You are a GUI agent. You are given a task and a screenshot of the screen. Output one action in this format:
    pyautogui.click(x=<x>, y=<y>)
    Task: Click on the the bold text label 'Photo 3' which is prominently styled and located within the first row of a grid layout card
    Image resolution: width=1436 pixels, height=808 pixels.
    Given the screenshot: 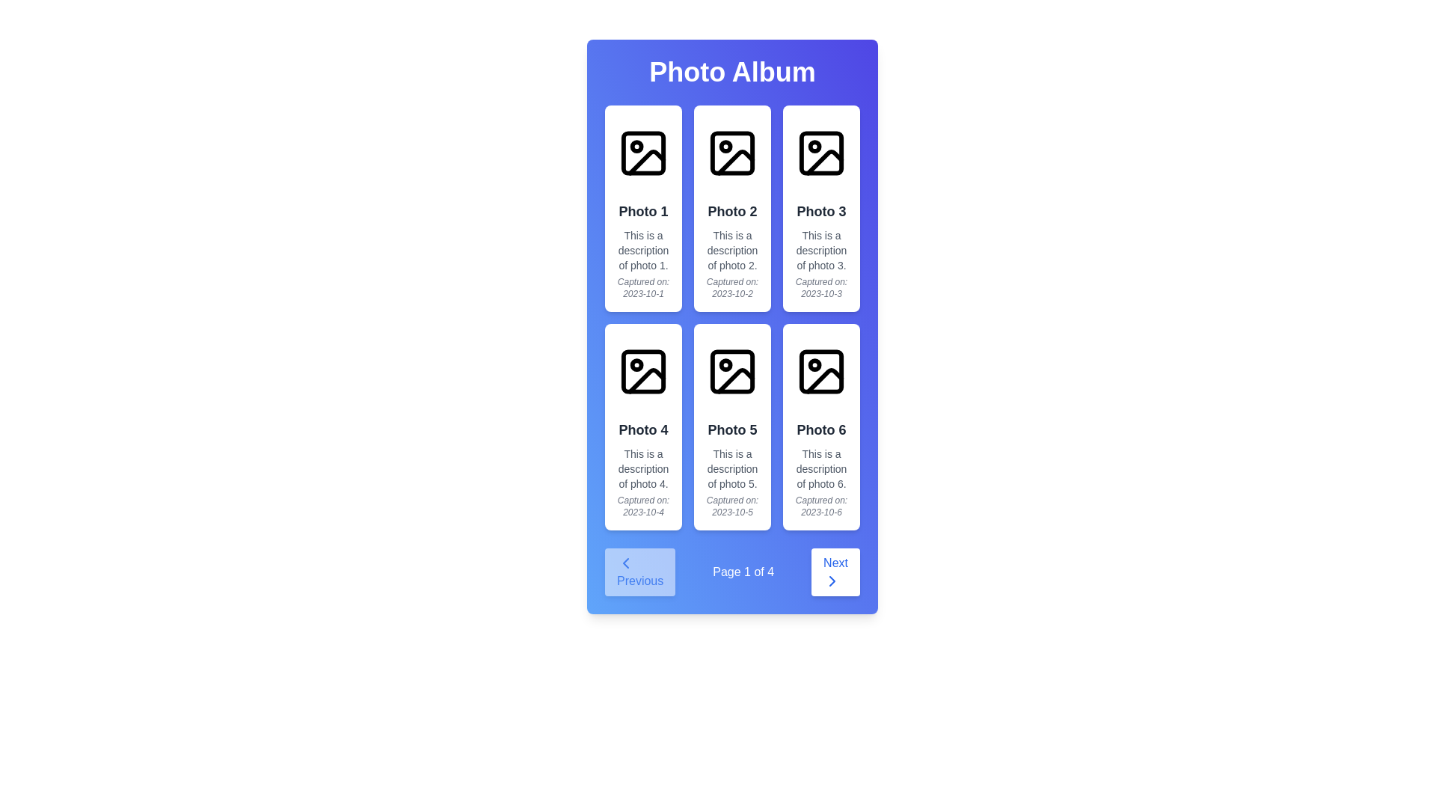 What is the action you would take?
    pyautogui.click(x=820, y=211)
    